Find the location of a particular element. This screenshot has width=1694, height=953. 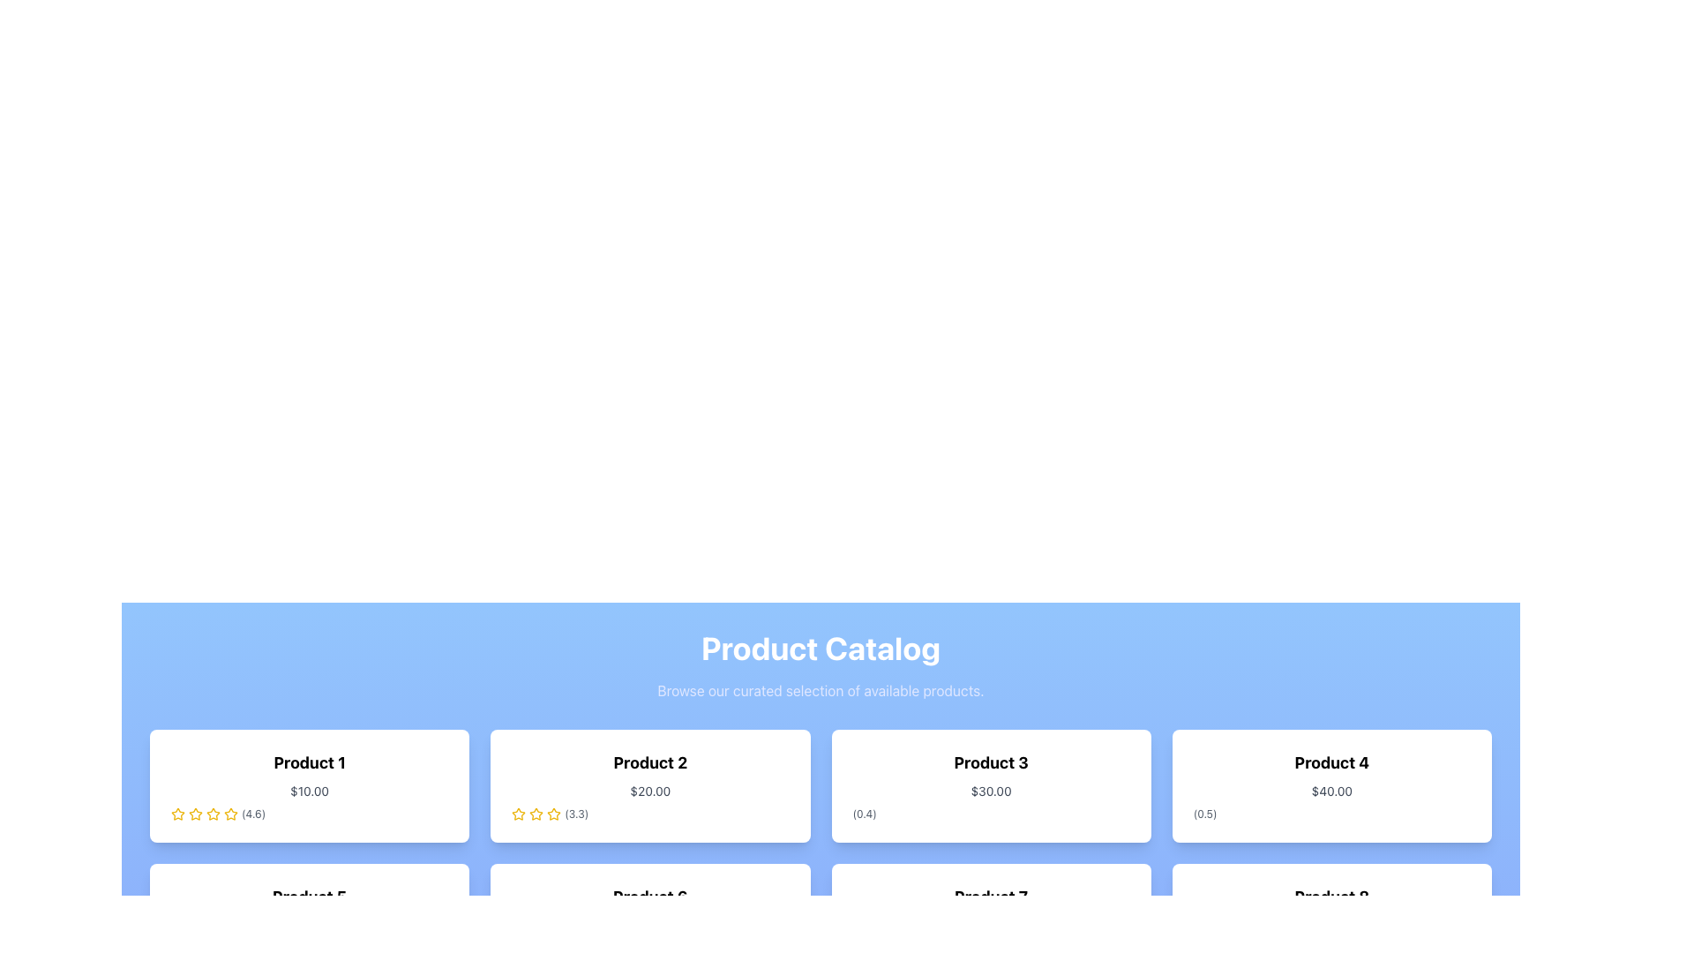

the descriptive subtitle text label located beneath the 'Product Catalog' header, which provides contextual information about the displayed products is located at coordinates (820, 690).